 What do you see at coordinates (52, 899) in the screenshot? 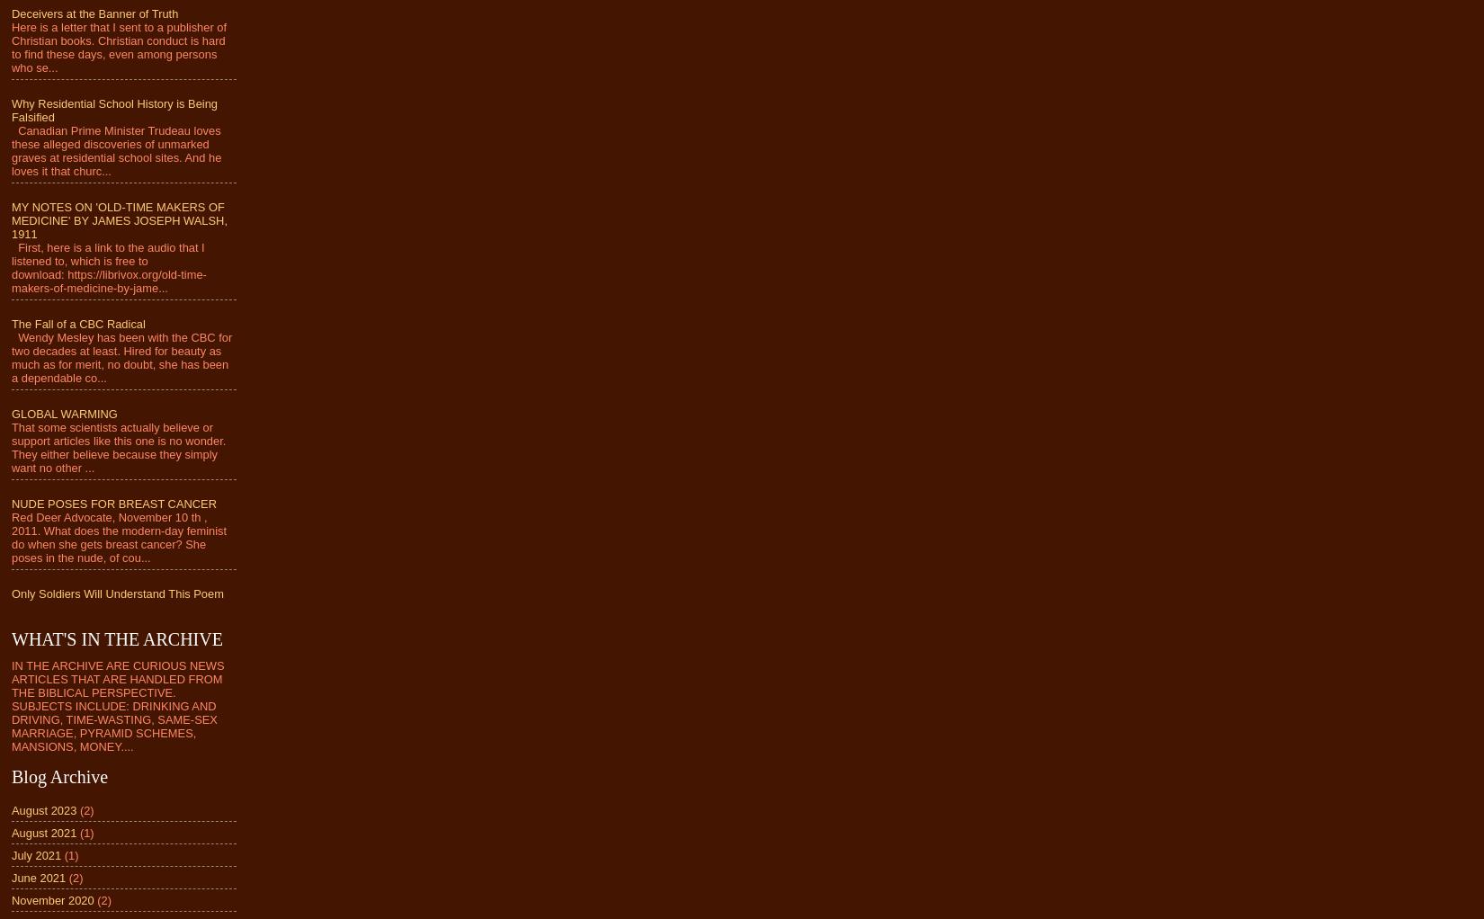
I see `'November 2020'` at bounding box center [52, 899].